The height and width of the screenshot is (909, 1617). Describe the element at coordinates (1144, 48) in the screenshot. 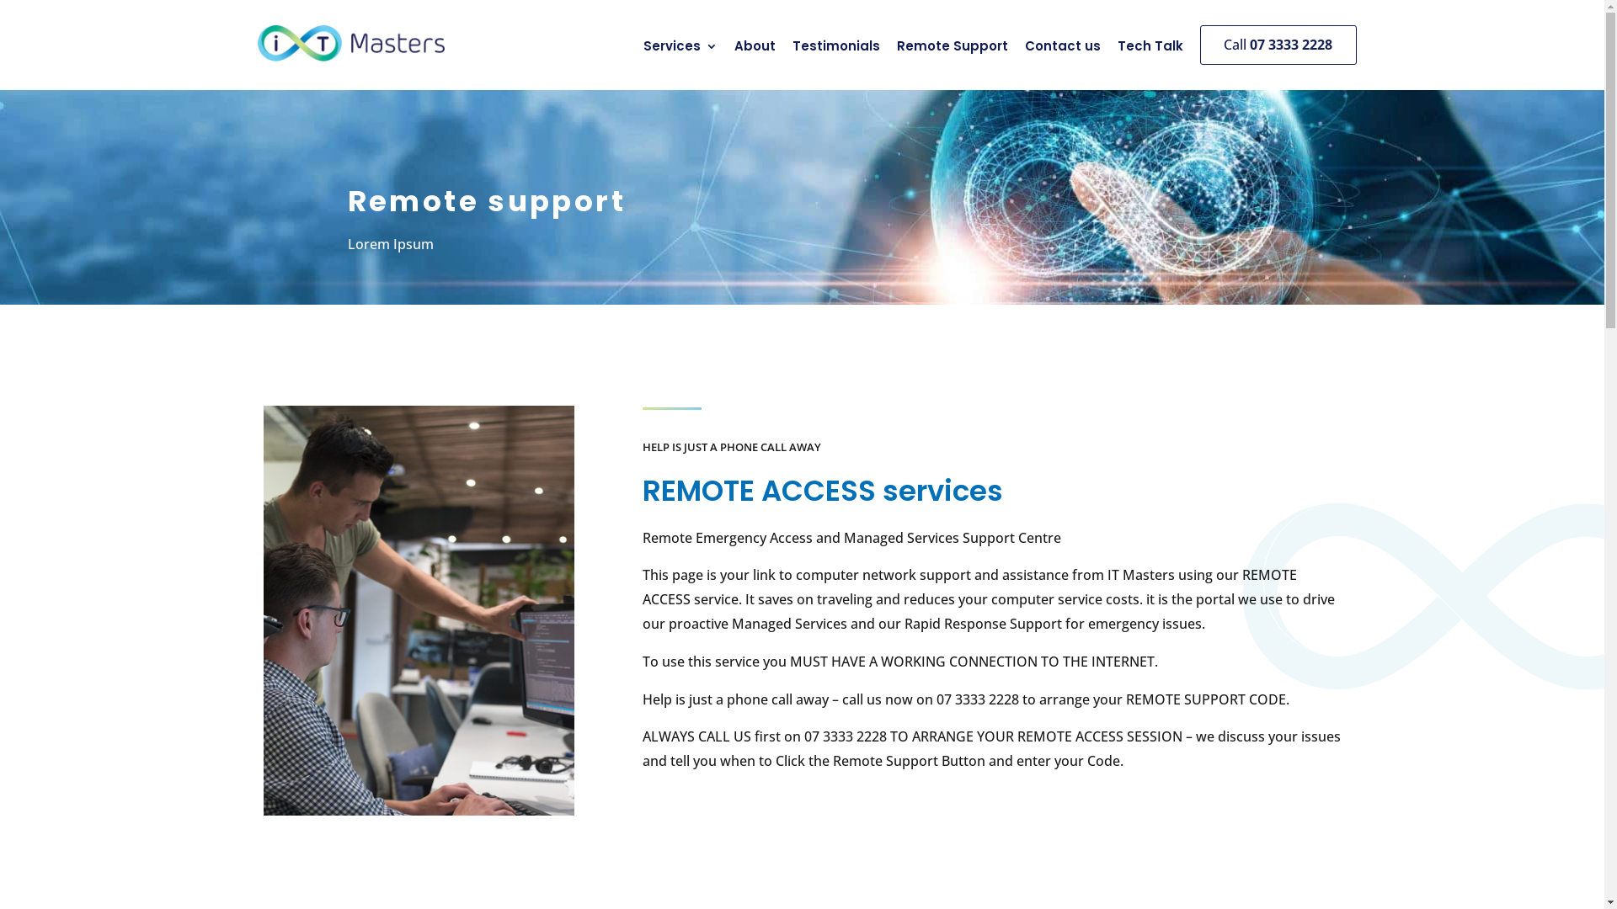

I see `'Tech Talk'` at that location.